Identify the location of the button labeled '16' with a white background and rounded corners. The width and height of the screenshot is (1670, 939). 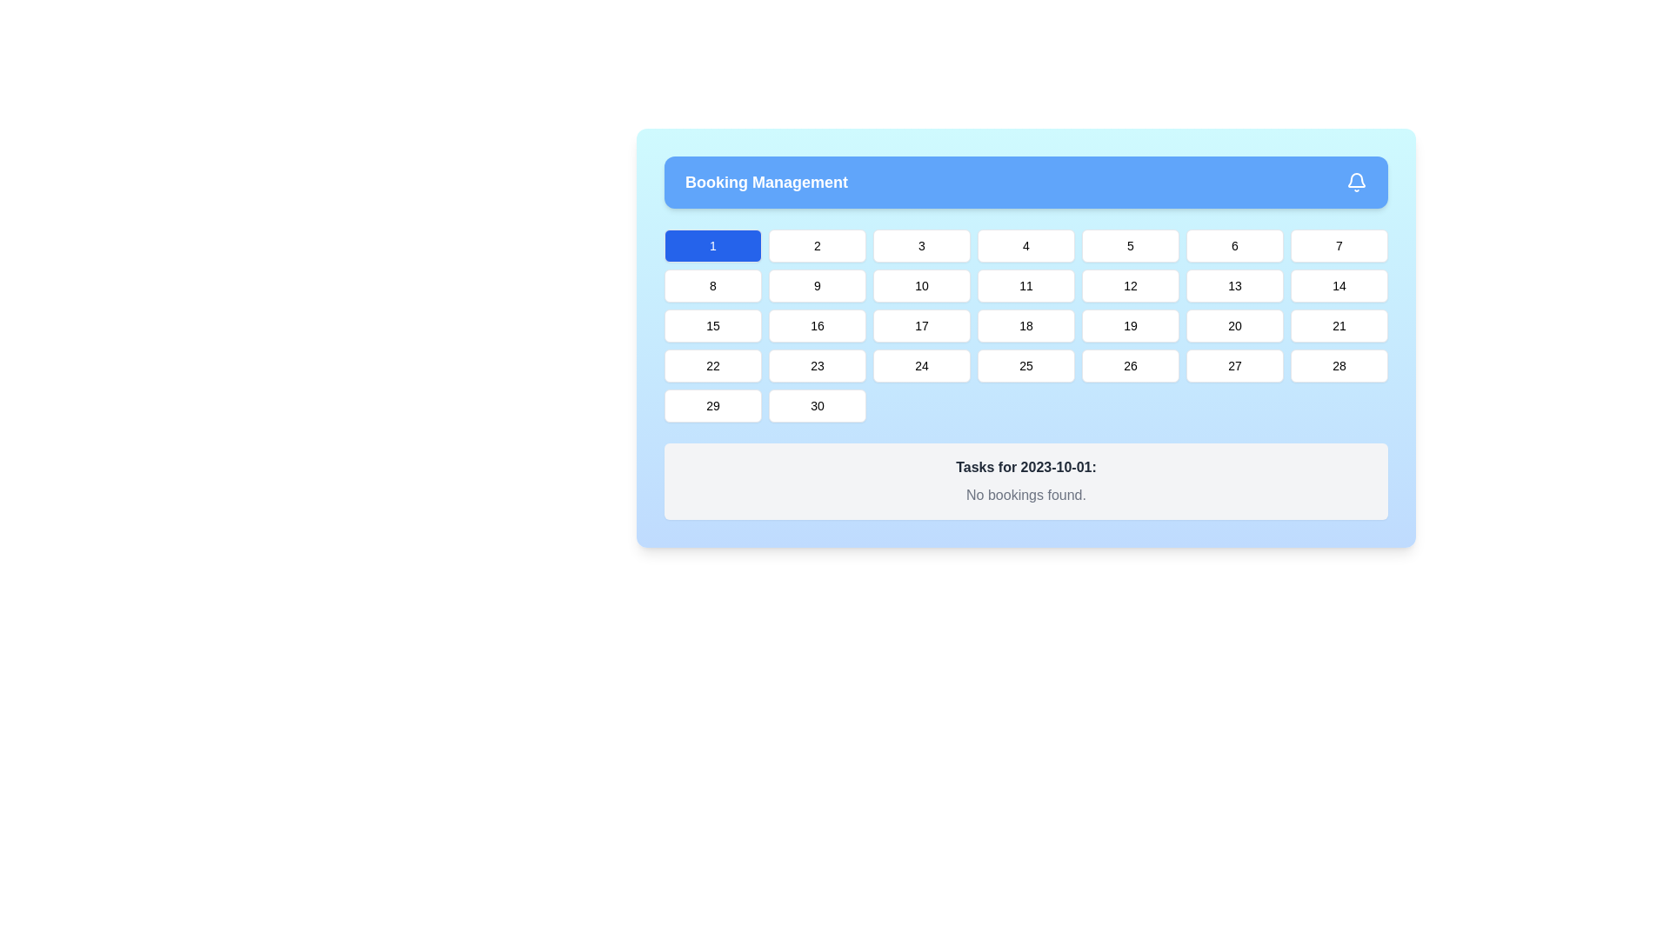
(817, 325).